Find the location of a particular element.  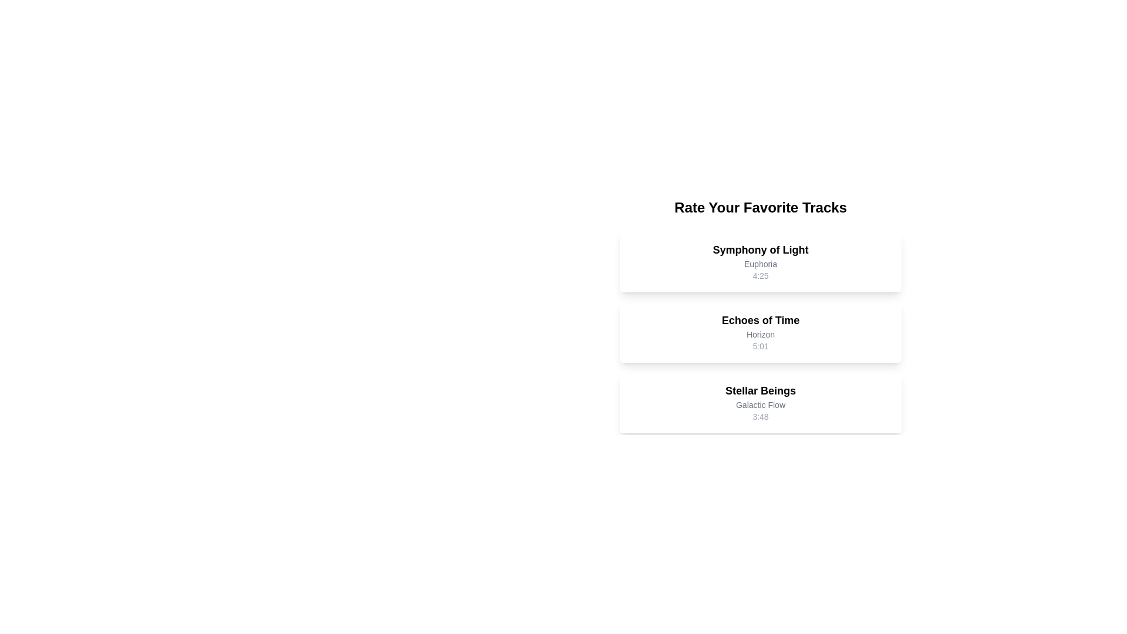

the text label 'Euphoria', which is styled in gray and positioned beneath 'Symphony of Light' within a card-like component is located at coordinates (761, 264).